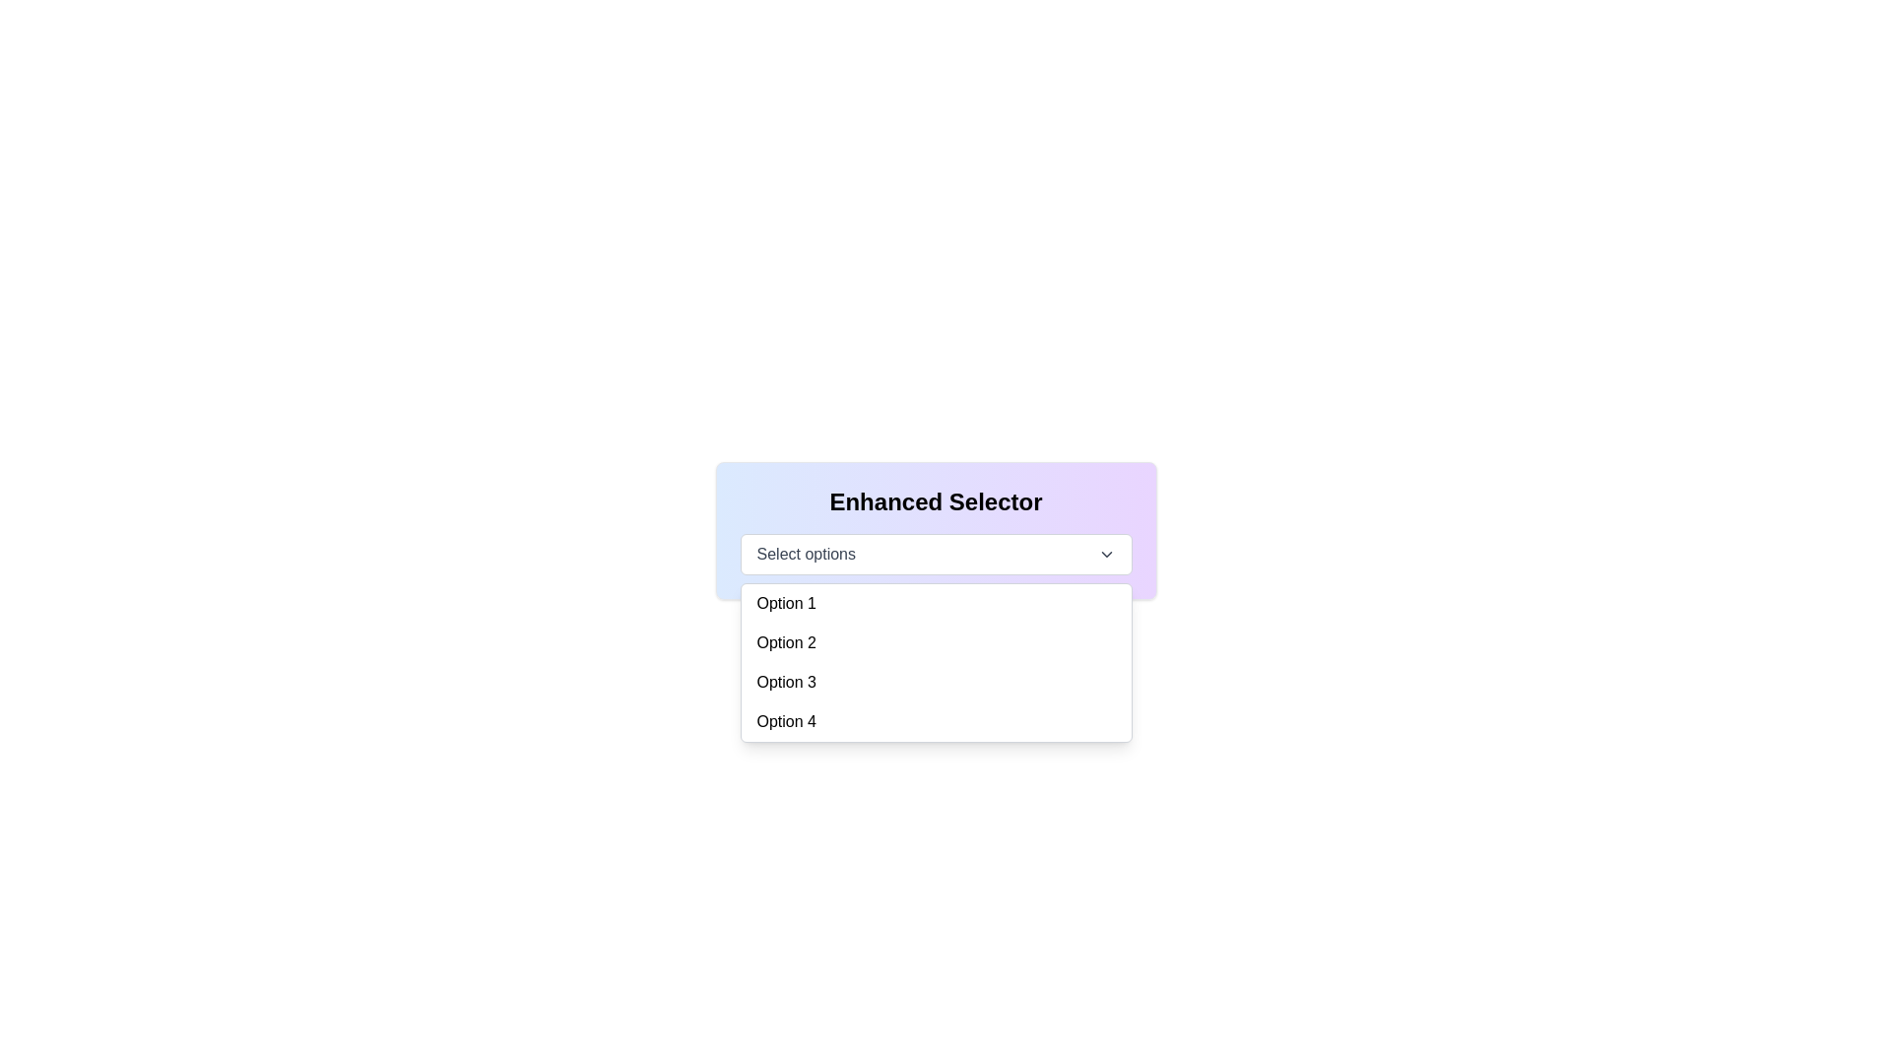 This screenshot has height=1064, width=1891. What do you see at coordinates (935, 682) in the screenshot?
I see `the dropdown menu item labeled 'Option 3'` at bounding box center [935, 682].